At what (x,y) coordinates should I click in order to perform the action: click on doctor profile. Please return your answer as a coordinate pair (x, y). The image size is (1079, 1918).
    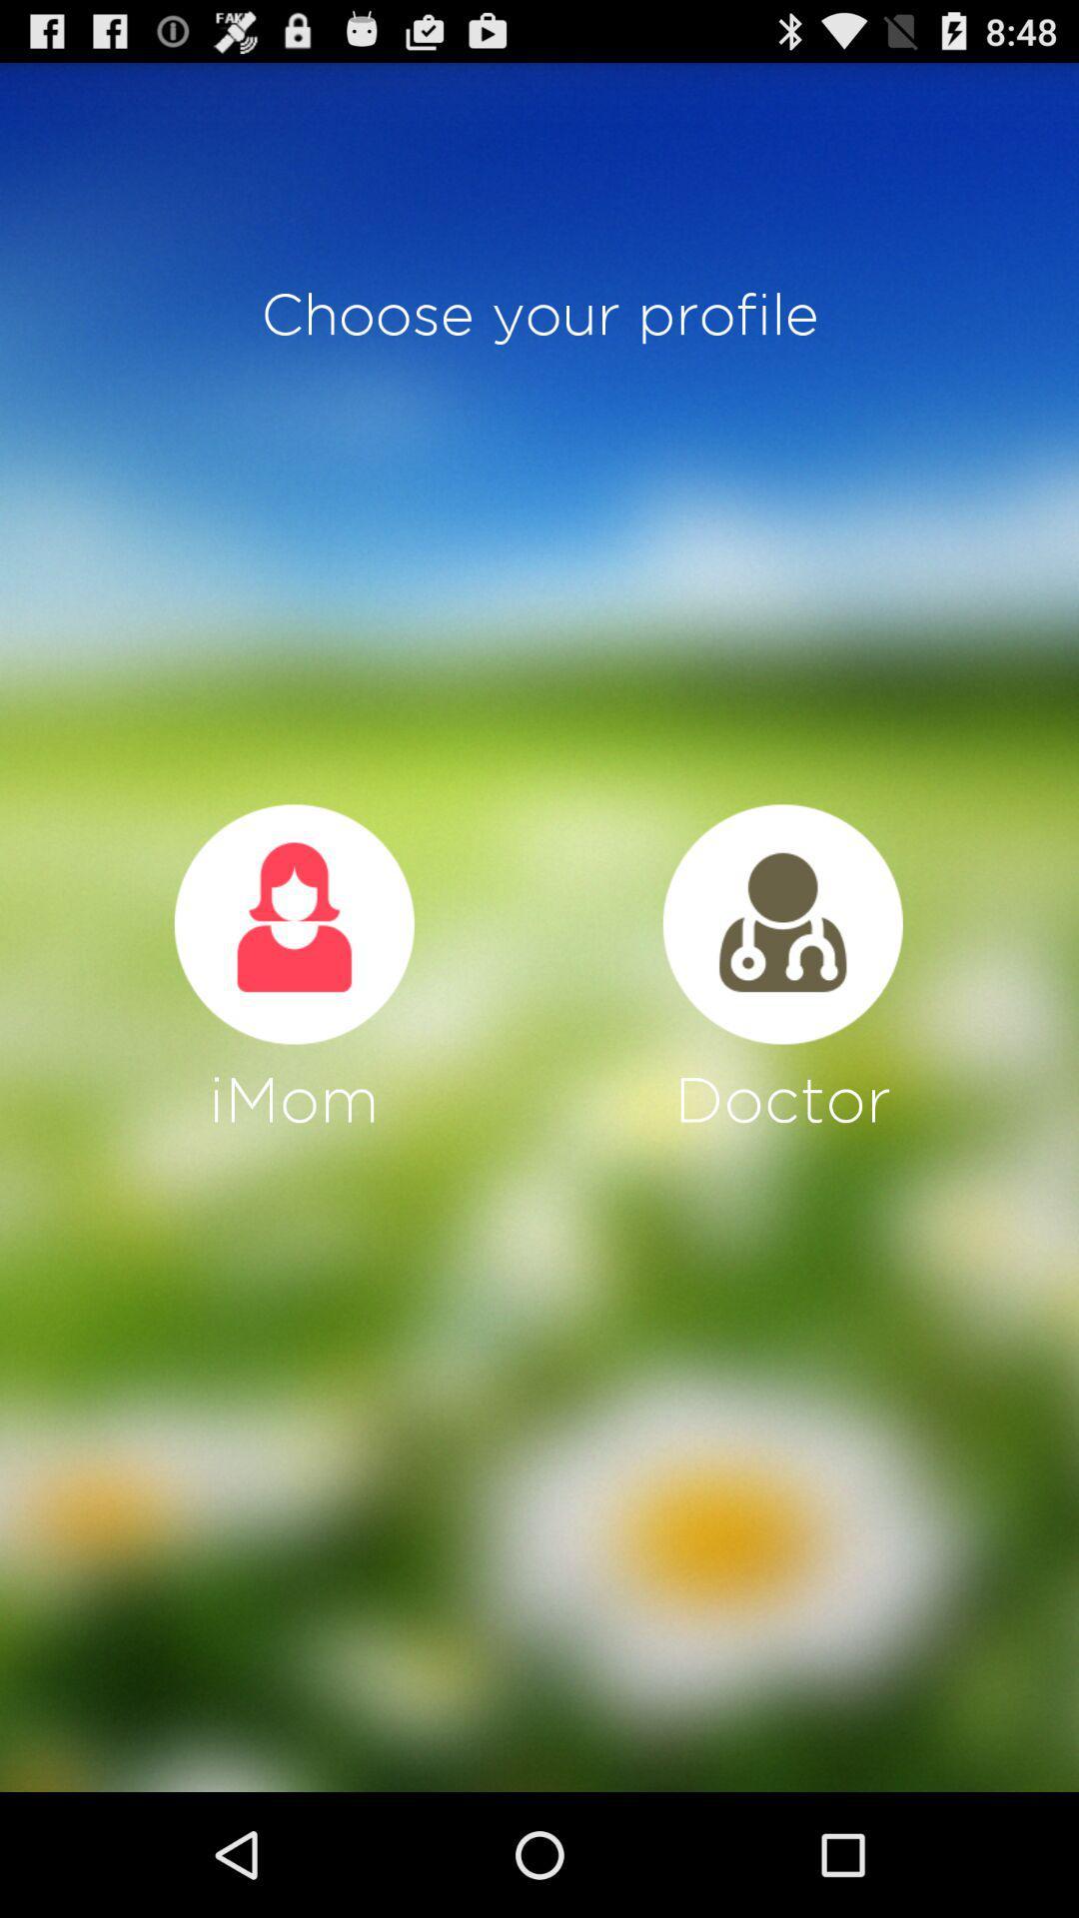
    Looking at the image, I should click on (781, 923).